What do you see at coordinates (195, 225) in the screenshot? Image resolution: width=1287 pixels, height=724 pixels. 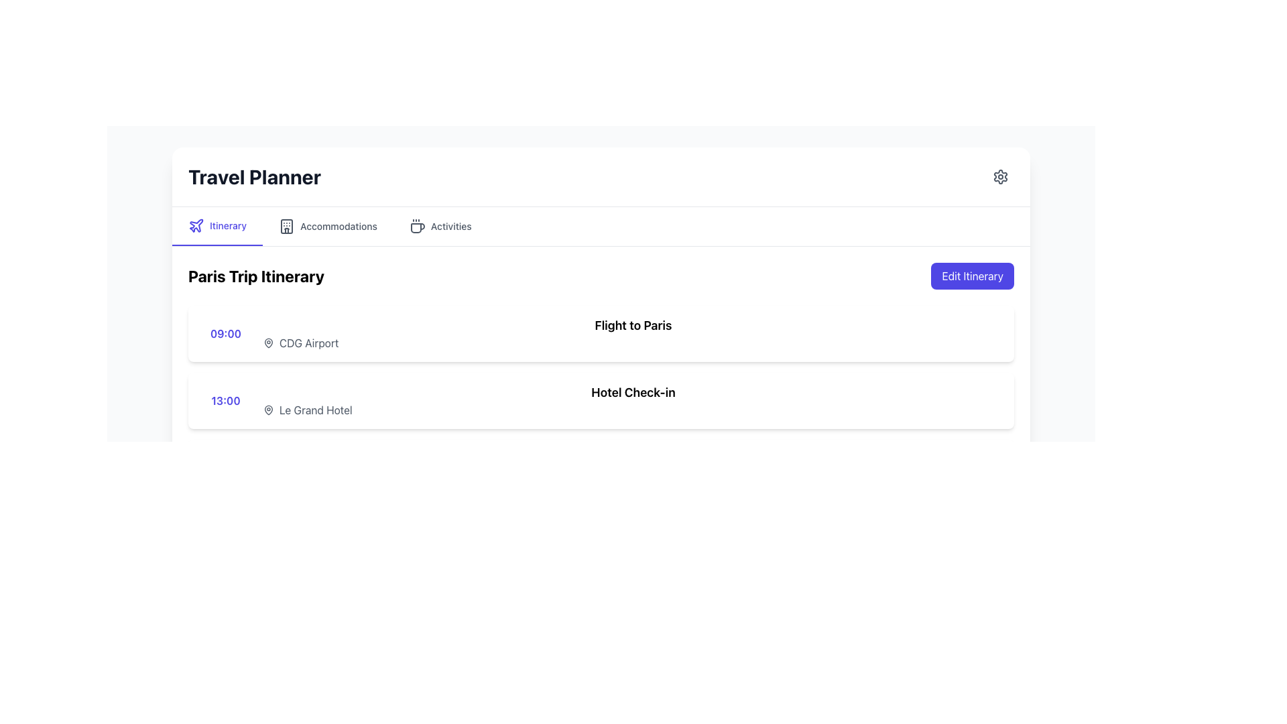 I see `the airplane icon located in the tab navigation bar preceding the 'Itinerary' label` at bounding box center [195, 225].